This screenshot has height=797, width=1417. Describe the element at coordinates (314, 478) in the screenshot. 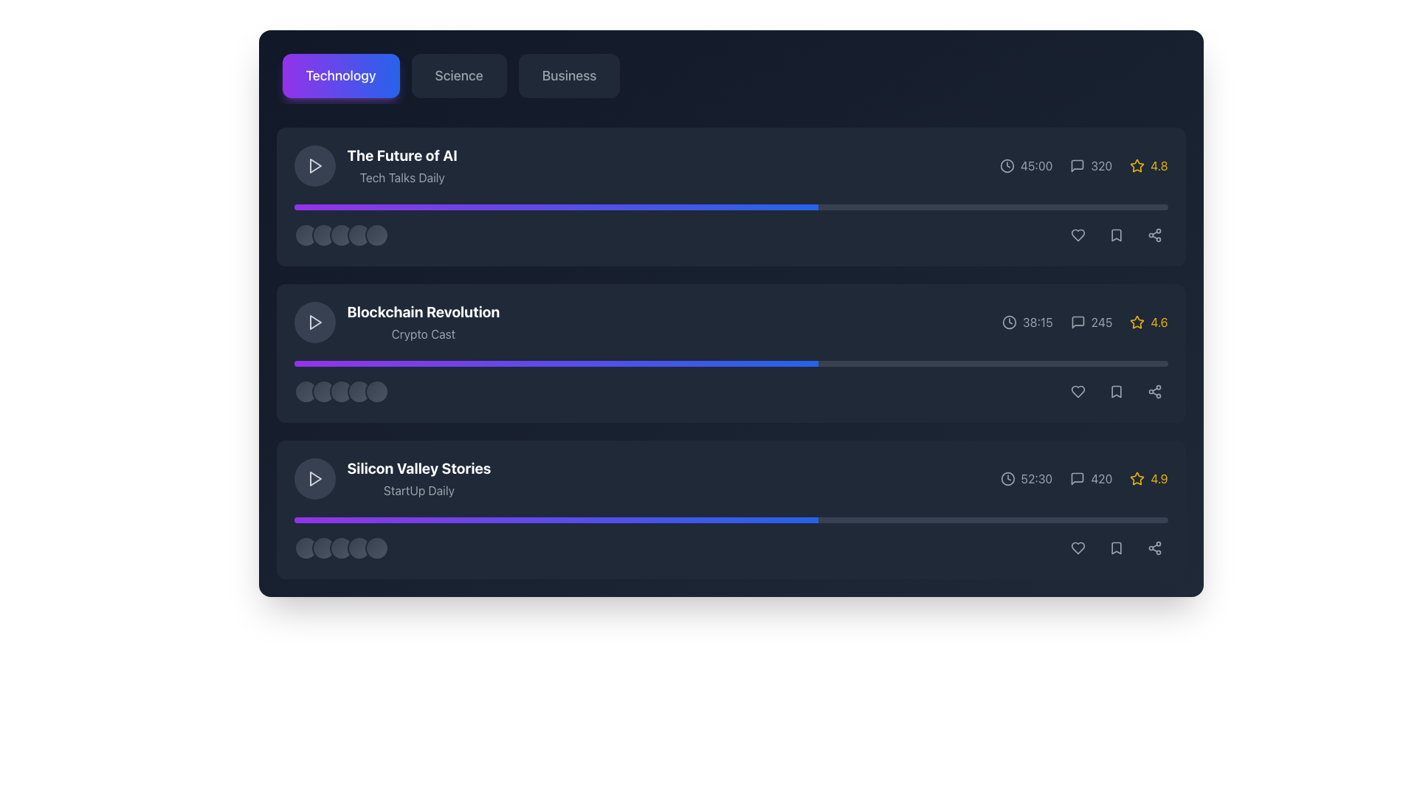

I see `the circular play button with a dark gray background and a white triangular play icon to play the media` at that location.